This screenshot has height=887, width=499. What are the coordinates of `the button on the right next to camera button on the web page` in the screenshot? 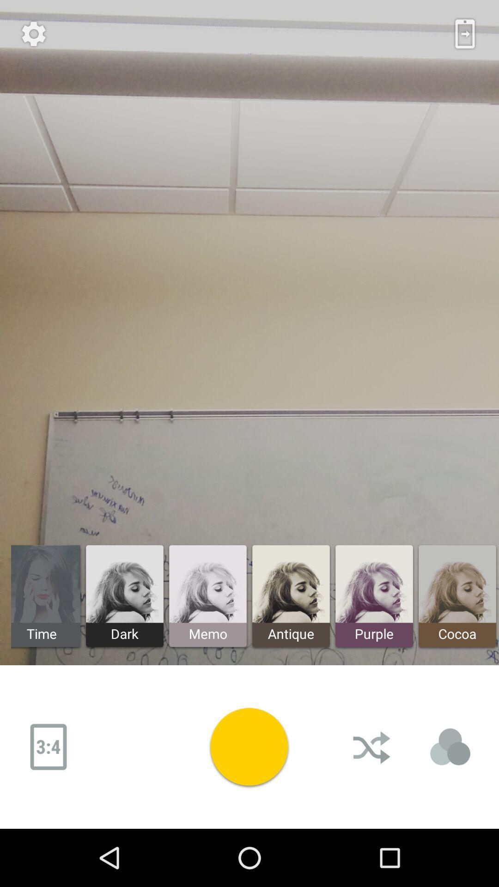 It's located at (372, 747).